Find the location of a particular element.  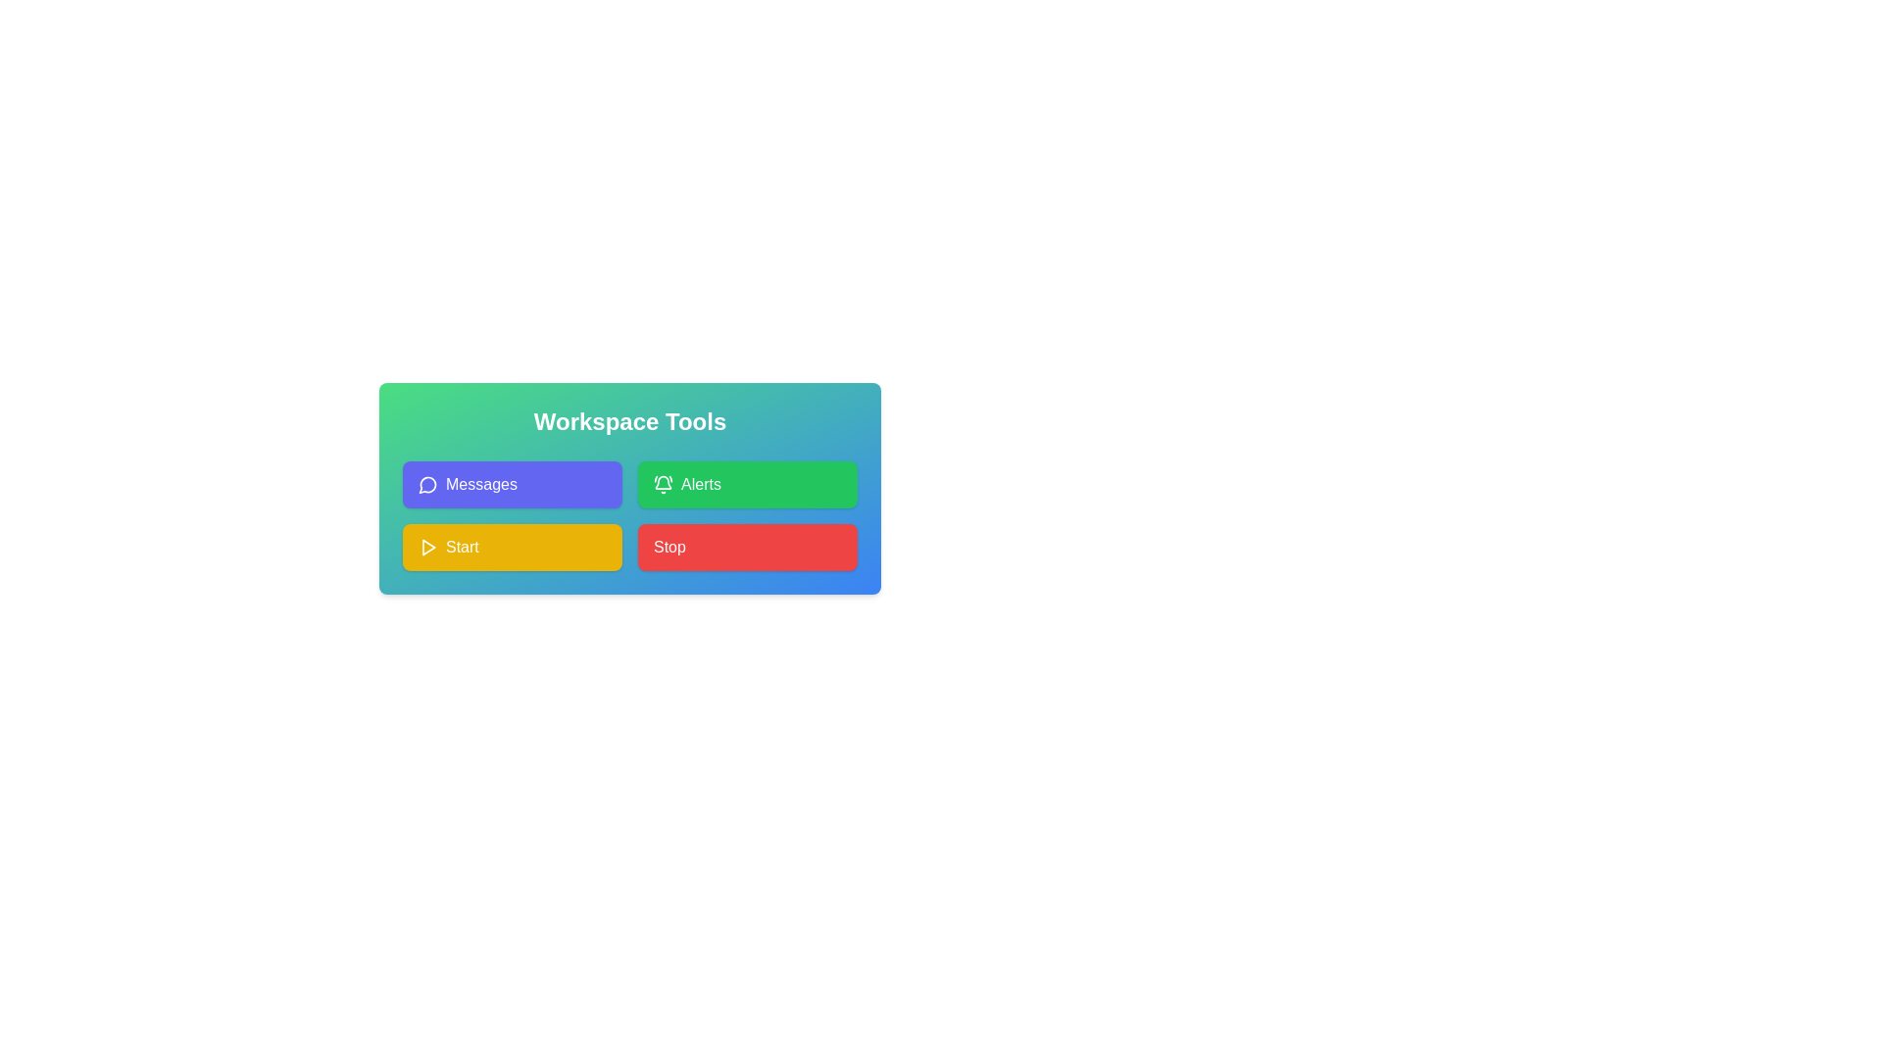

the center of the bell icon component, which is part of the green 'Alerts' button located in the top-right corner of the interface is located at coordinates (663, 482).